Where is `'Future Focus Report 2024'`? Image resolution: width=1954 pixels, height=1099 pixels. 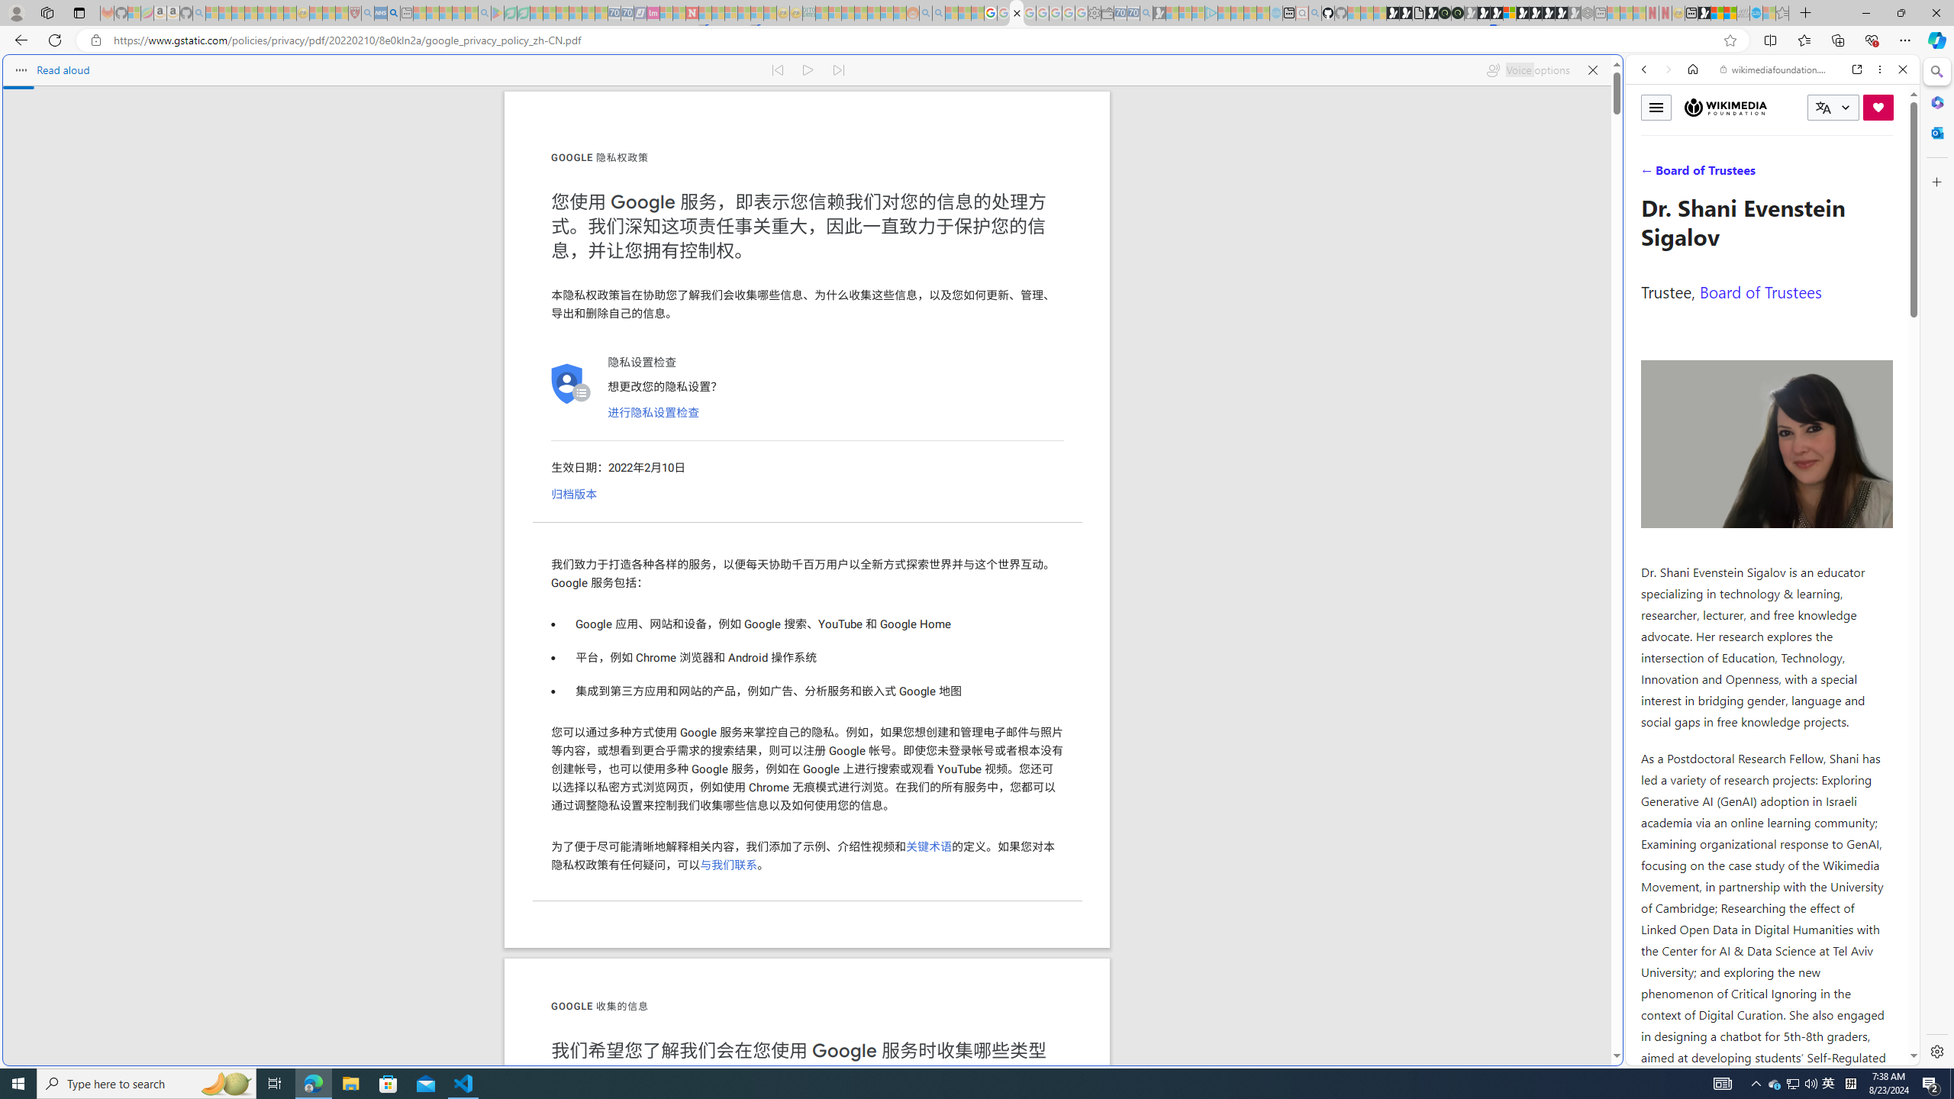 'Future Focus Report 2024' is located at coordinates (1456, 12).